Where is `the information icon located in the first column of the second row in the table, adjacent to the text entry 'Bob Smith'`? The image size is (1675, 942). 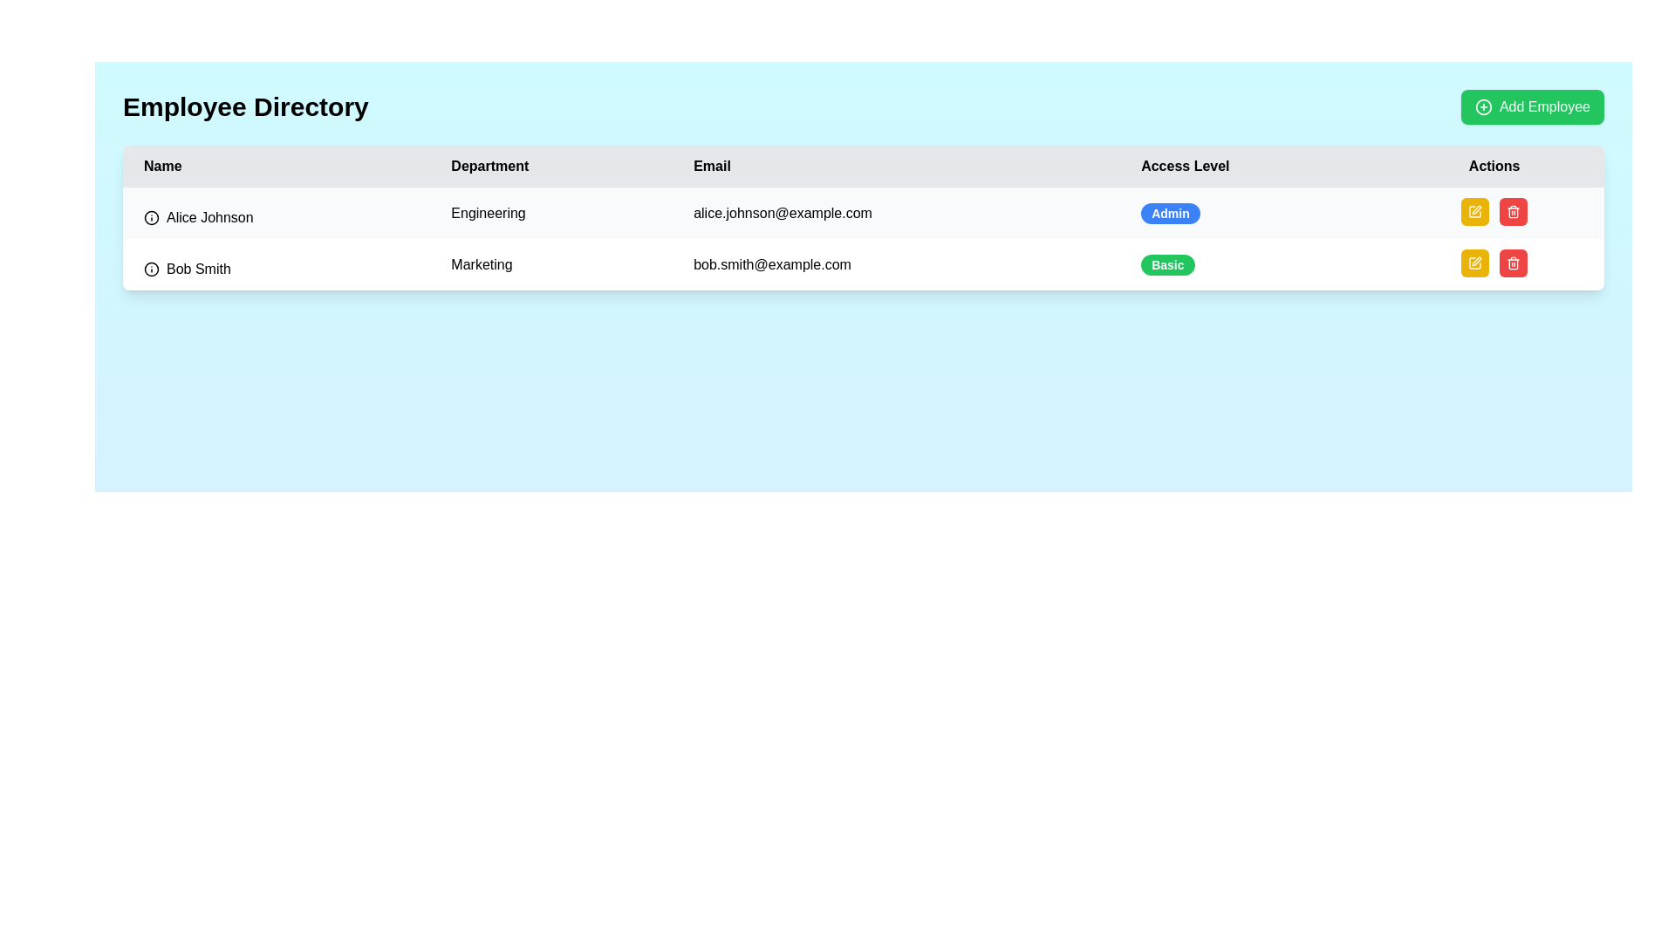
the information icon located in the first column of the second row in the table, adjacent to the text entry 'Bob Smith' is located at coordinates (151, 269).